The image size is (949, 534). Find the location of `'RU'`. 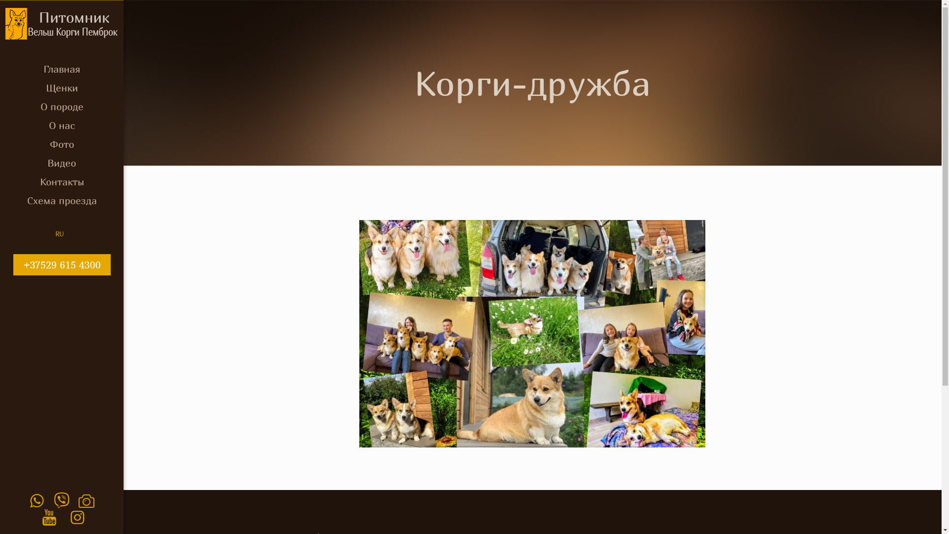

'RU' is located at coordinates (54, 234).